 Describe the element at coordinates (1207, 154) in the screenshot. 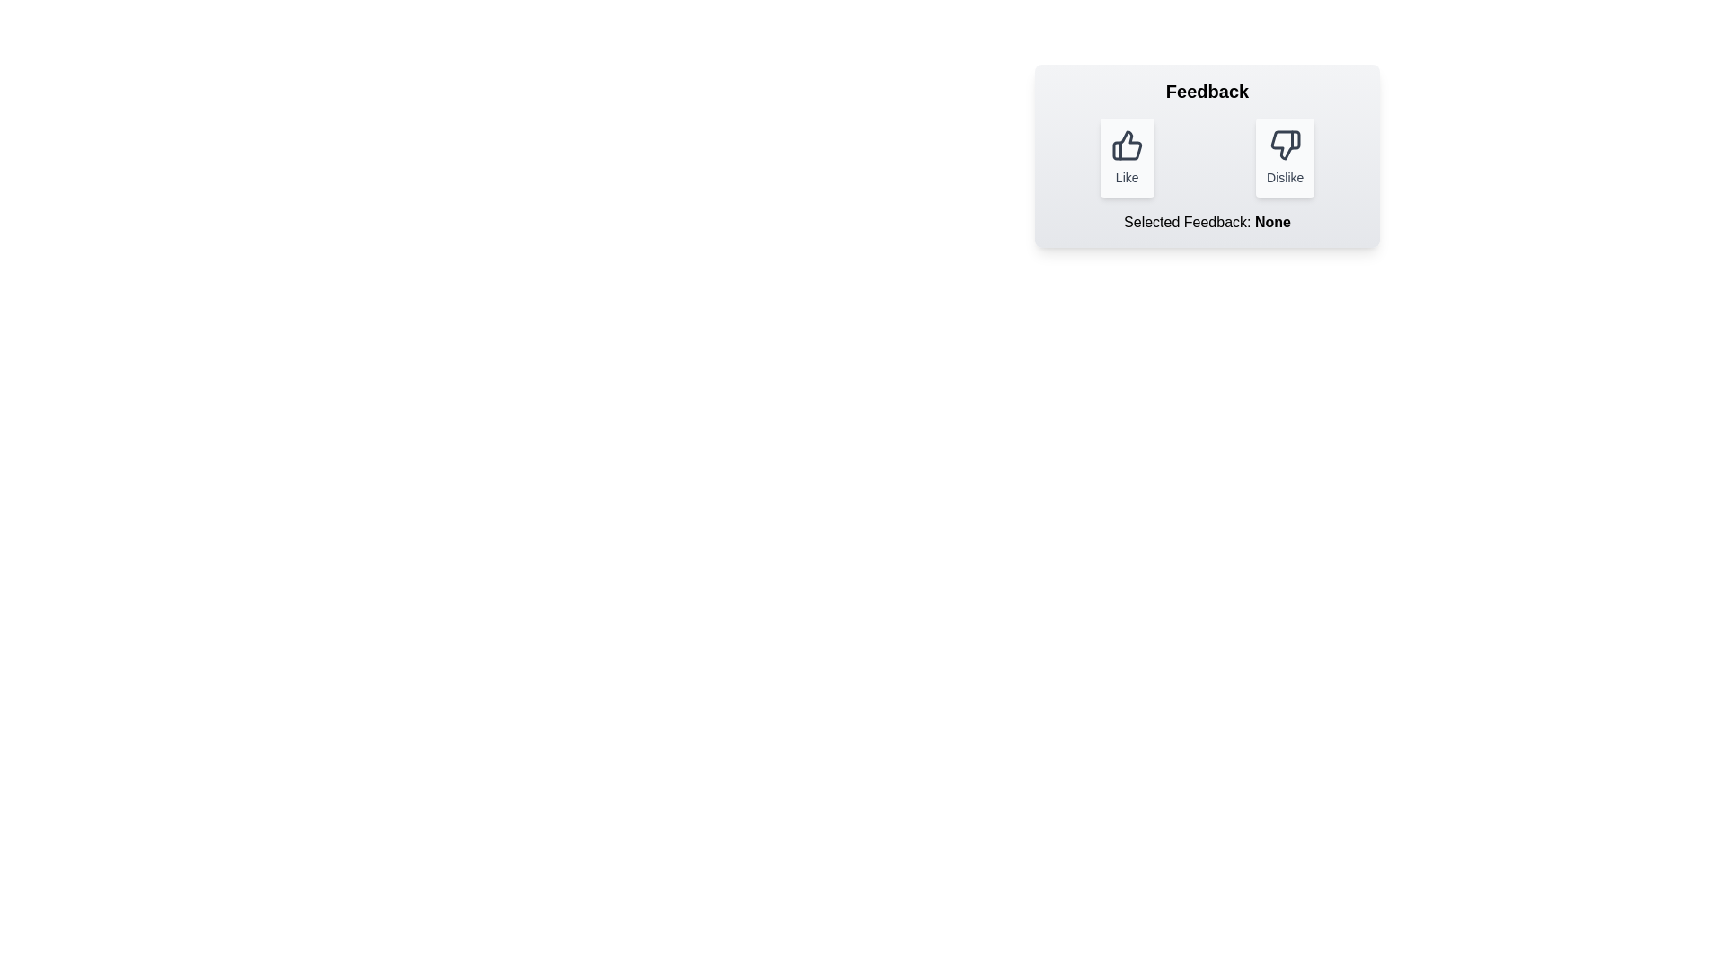

I see `the container to inspect its layout and styling` at that location.